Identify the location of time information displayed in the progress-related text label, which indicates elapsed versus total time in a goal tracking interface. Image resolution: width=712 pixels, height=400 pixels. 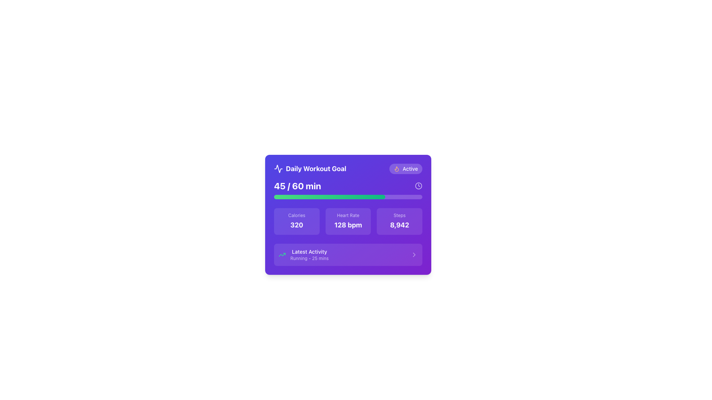
(297, 185).